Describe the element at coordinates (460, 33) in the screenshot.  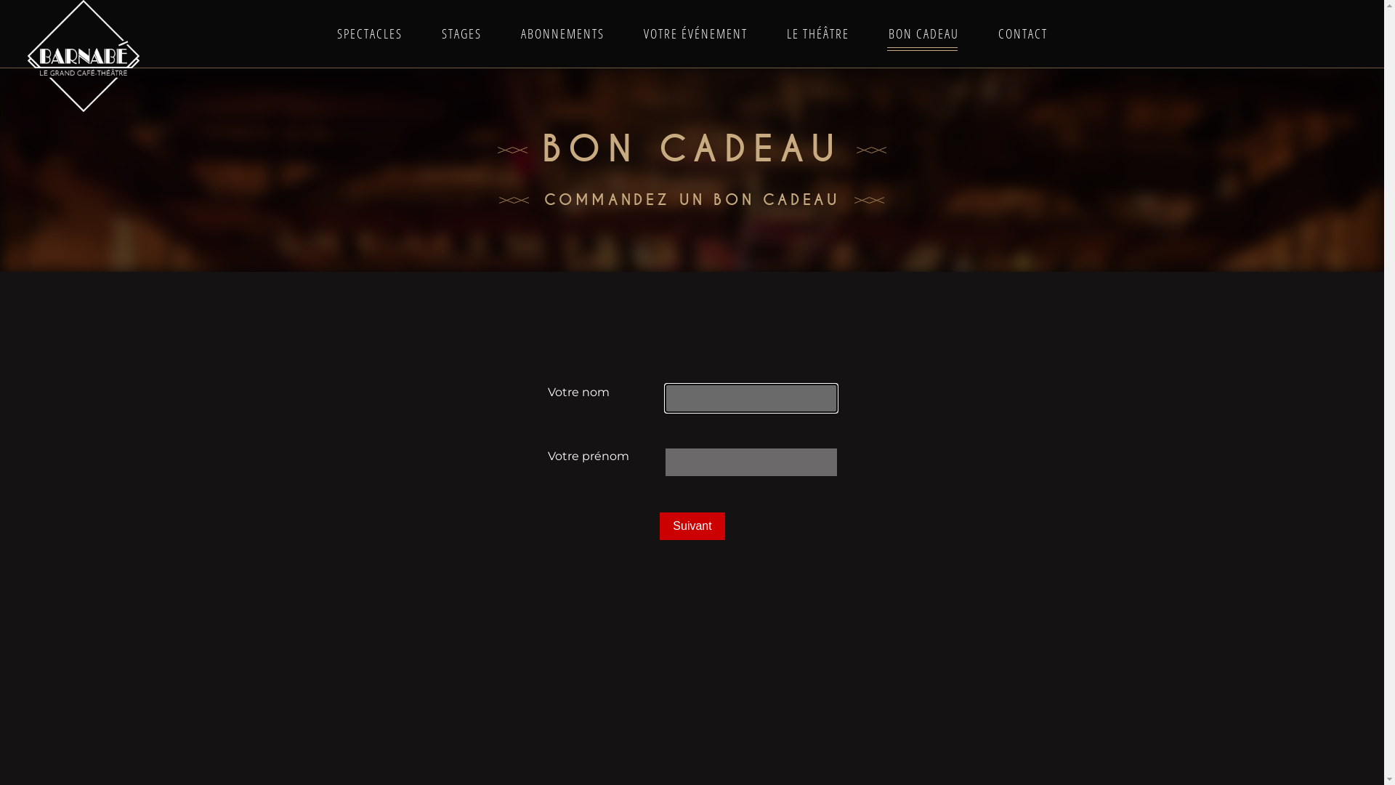
I see `'STAGES'` at that location.